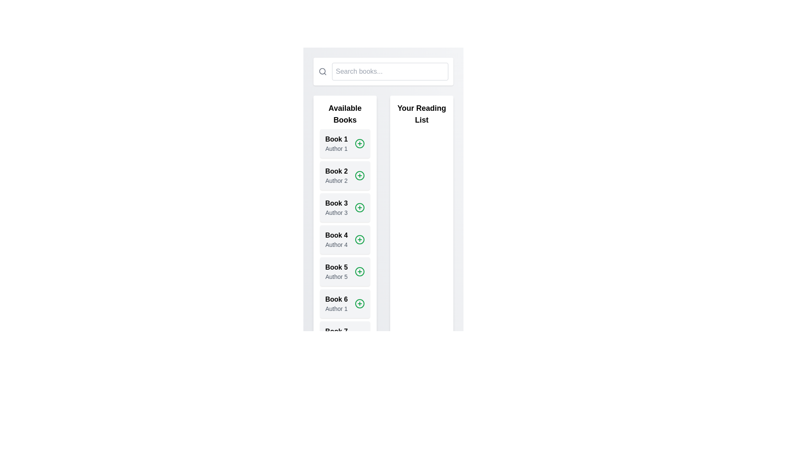  Describe the element at coordinates (360, 304) in the screenshot. I see `the circular addition icon with a green border and '+' symbol located in the 'Available Books' list under 'Book 6 Author 1'` at that location.